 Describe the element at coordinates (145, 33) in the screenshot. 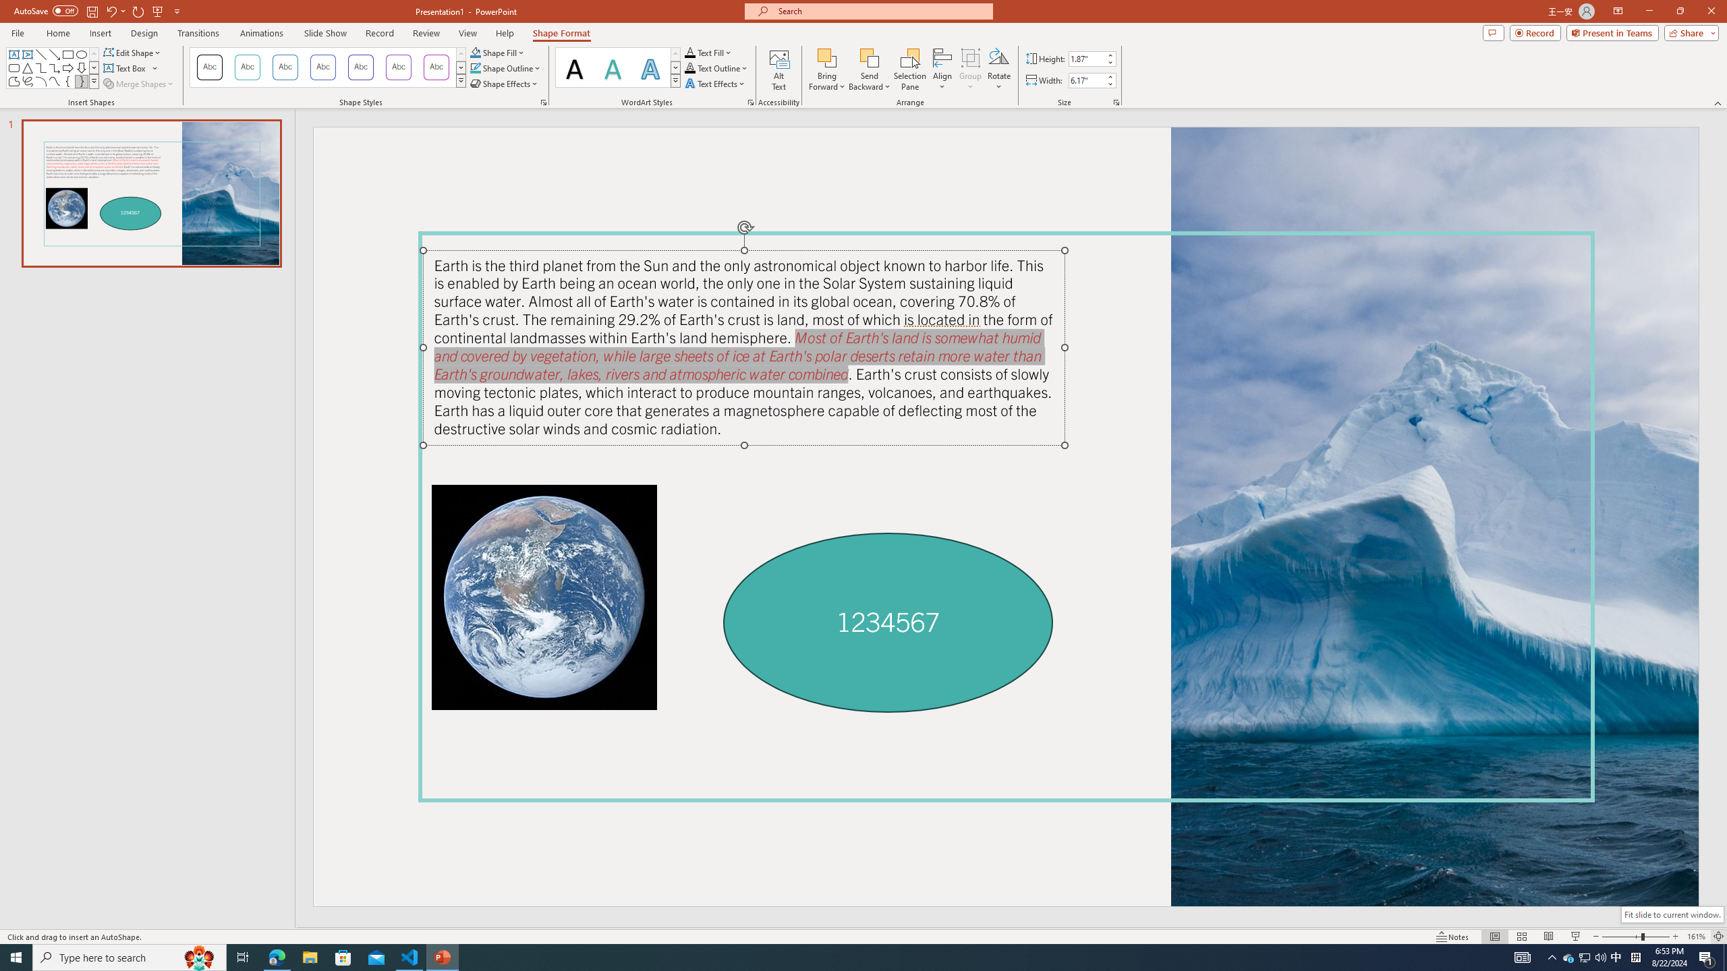

I see `'Design'` at that location.